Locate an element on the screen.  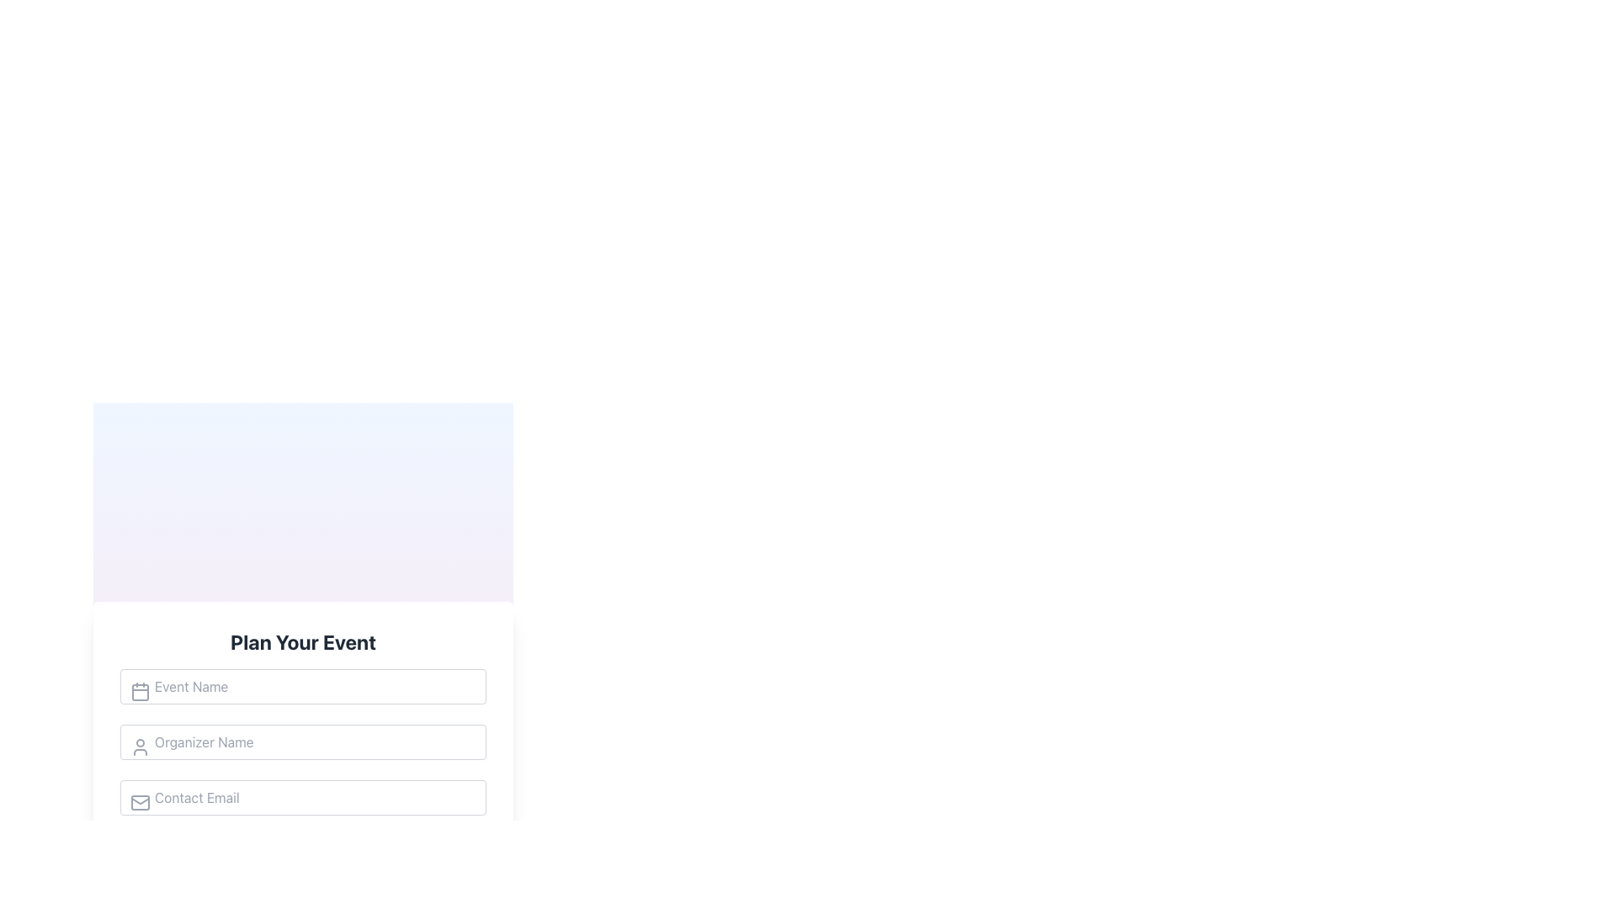
the Decorative Icon resembling an envelope with a white background and gray border, located within the 'Contact Email' input field is located at coordinates (141, 801).